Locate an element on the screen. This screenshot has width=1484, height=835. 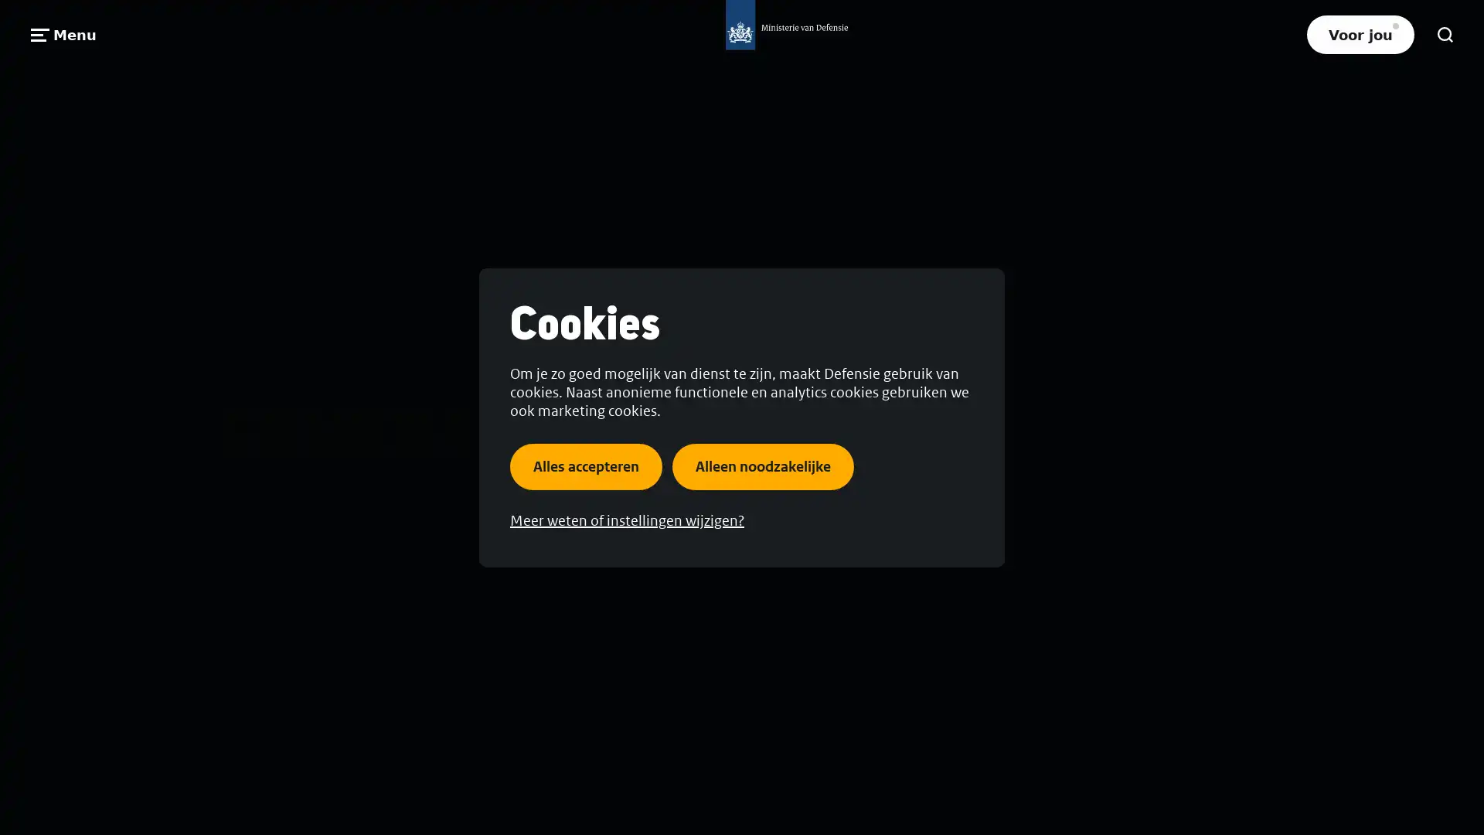
Zoeken openen is located at coordinates (1445, 35).